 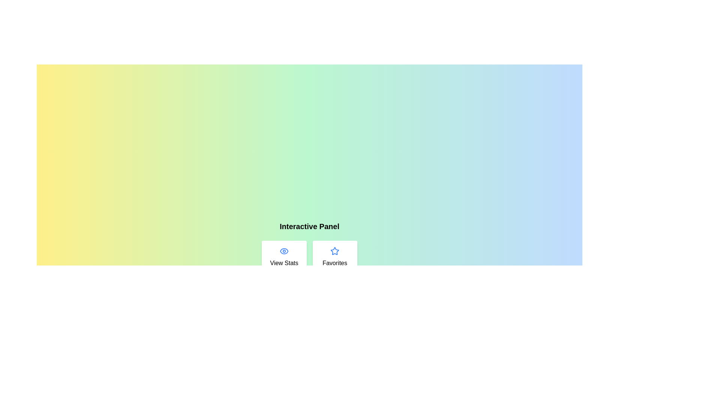 I want to click on the star-shaped icon with a blue outline located in the 'Favorites' panel at the top-center, positioned above the text 'Favorites', so click(x=334, y=251).